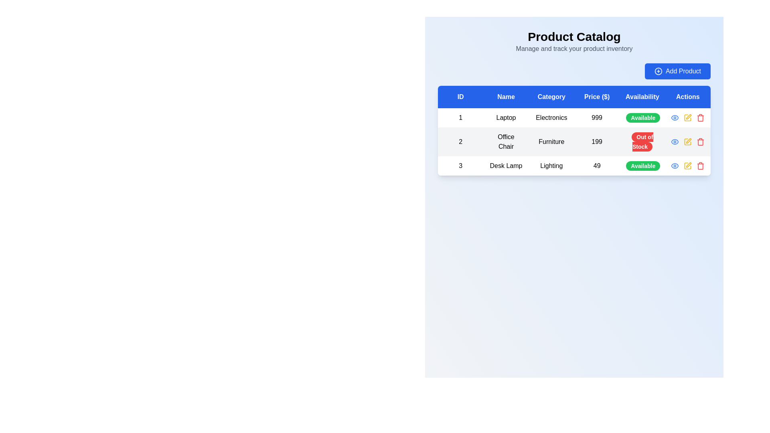 Image resolution: width=770 pixels, height=433 pixels. I want to click on the Text value field displaying the price of the 'Desk Lamp' item, located in the fourth column of the third row in the inventory table, so click(597, 165).